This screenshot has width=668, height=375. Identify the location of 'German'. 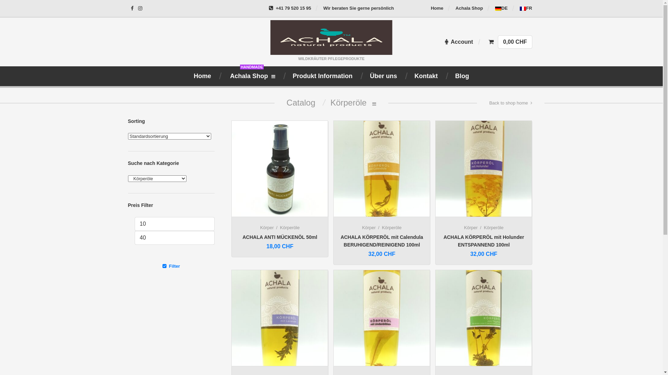
(494, 8).